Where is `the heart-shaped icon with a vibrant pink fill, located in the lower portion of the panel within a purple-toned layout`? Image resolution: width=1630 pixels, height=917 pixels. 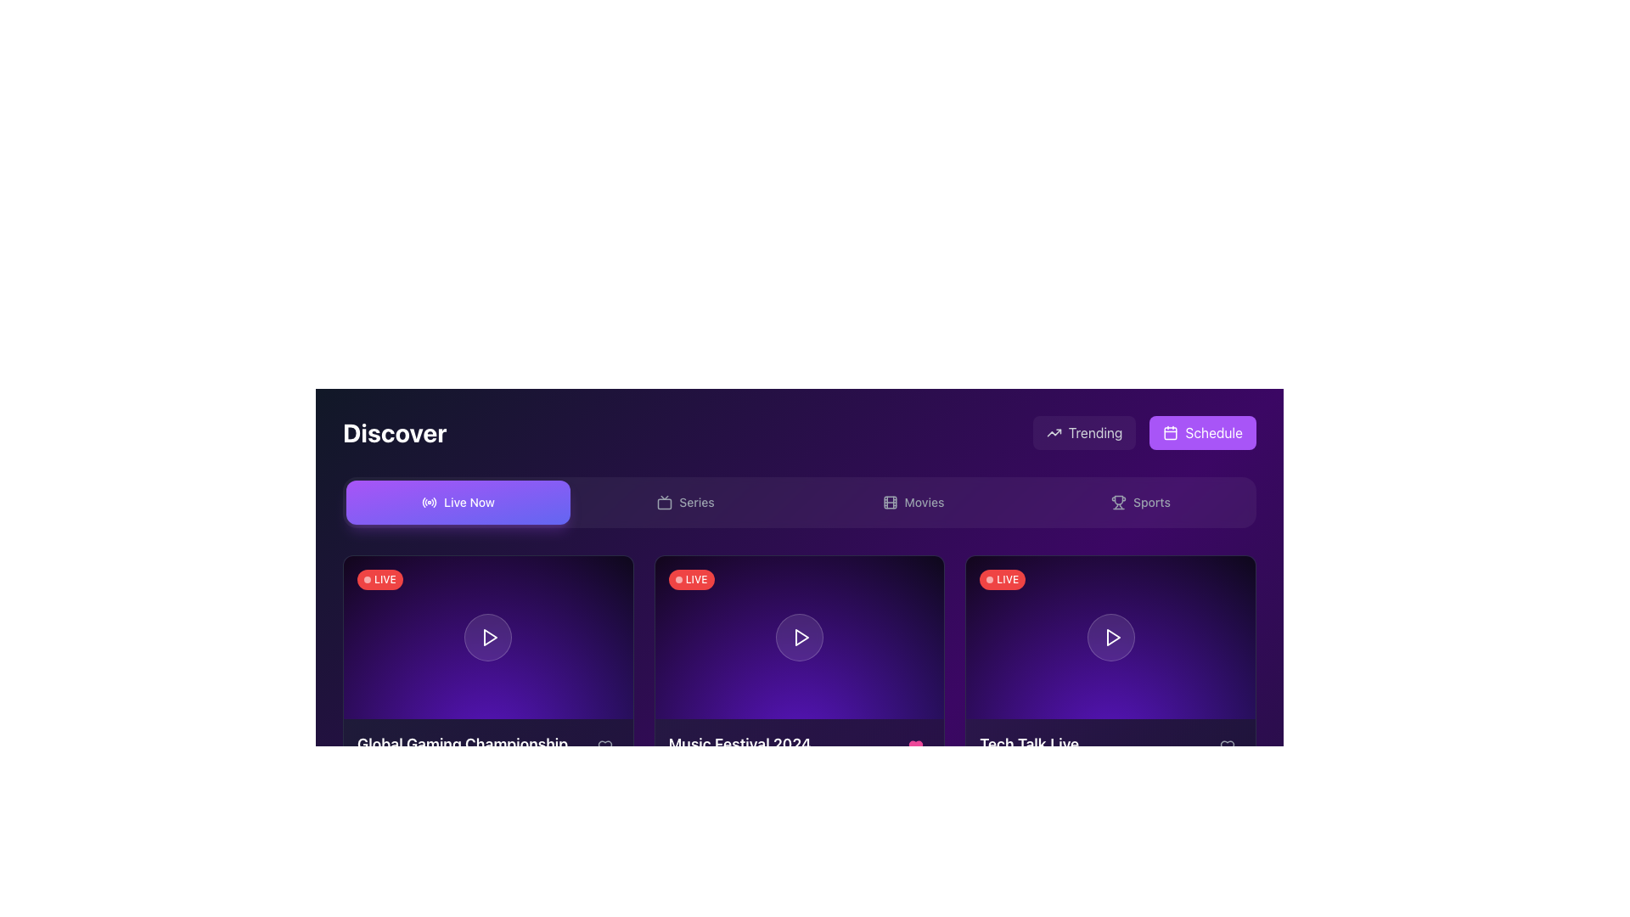
the heart-shaped icon with a vibrant pink fill, located in the lower portion of the panel within a purple-toned layout is located at coordinates (915, 745).